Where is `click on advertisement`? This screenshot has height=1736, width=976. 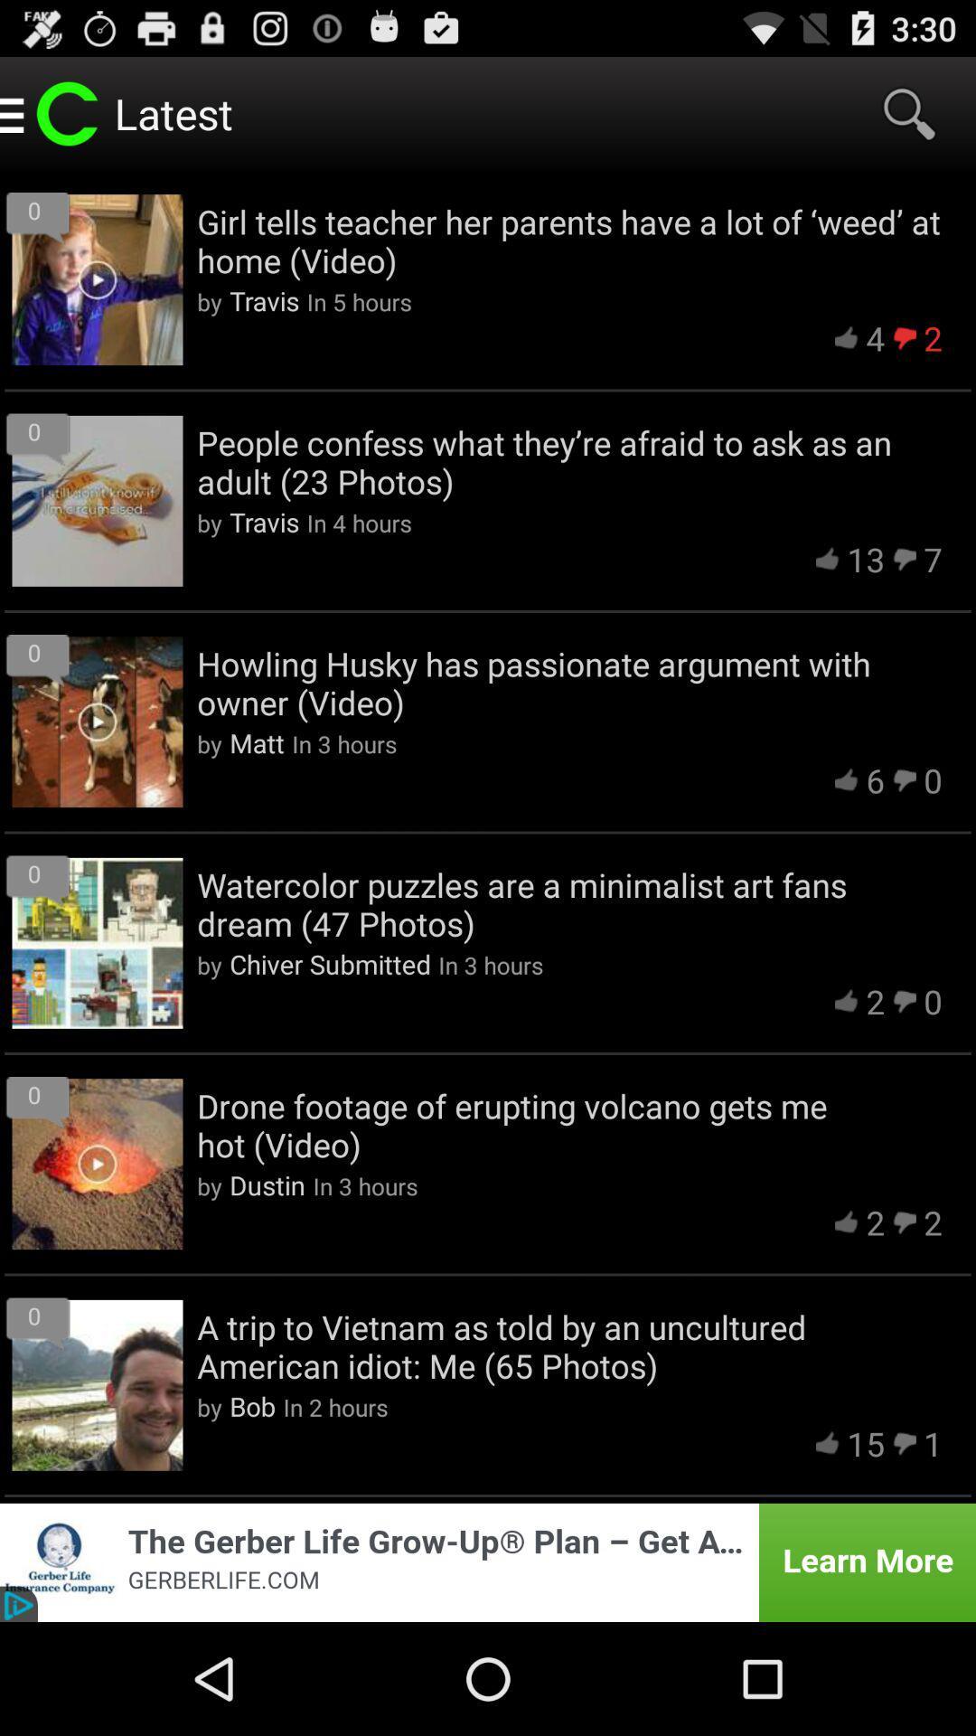
click on advertisement is located at coordinates (488, 1561).